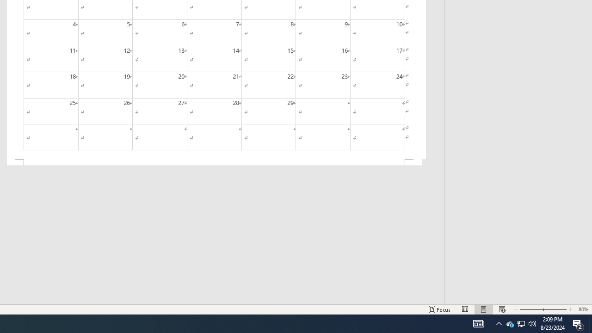 This screenshot has width=592, height=333. What do you see at coordinates (439, 309) in the screenshot?
I see `'Focus '` at bounding box center [439, 309].